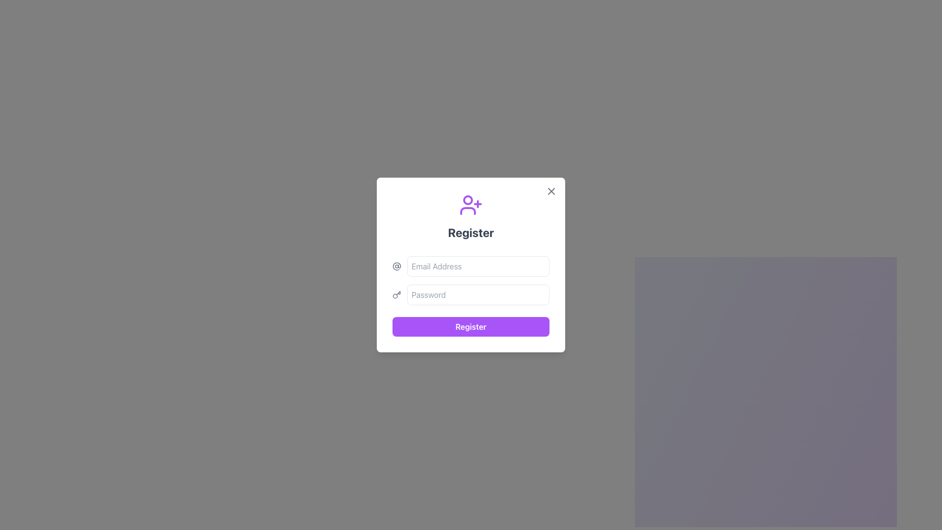  What do you see at coordinates (551, 191) in the screenshot?
I see `the close button located in the top-right corner of the white card` at bounding box center [551, 191].